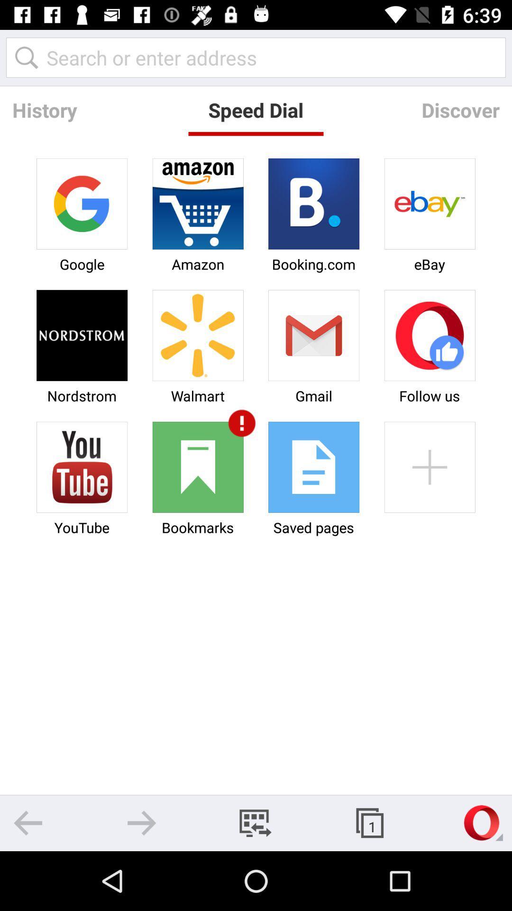  I want to click on the arrow_backward icon, so click(27, 822).